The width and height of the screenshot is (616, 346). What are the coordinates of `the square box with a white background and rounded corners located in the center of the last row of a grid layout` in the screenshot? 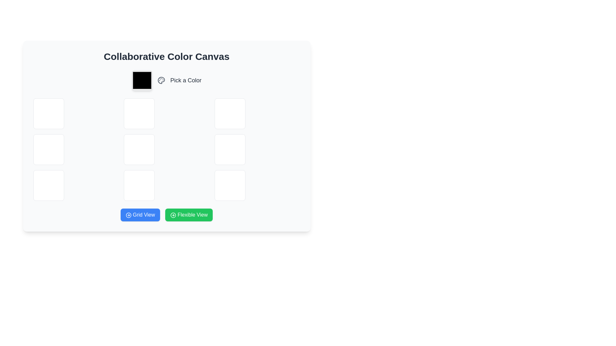 It's located at (139, 185).